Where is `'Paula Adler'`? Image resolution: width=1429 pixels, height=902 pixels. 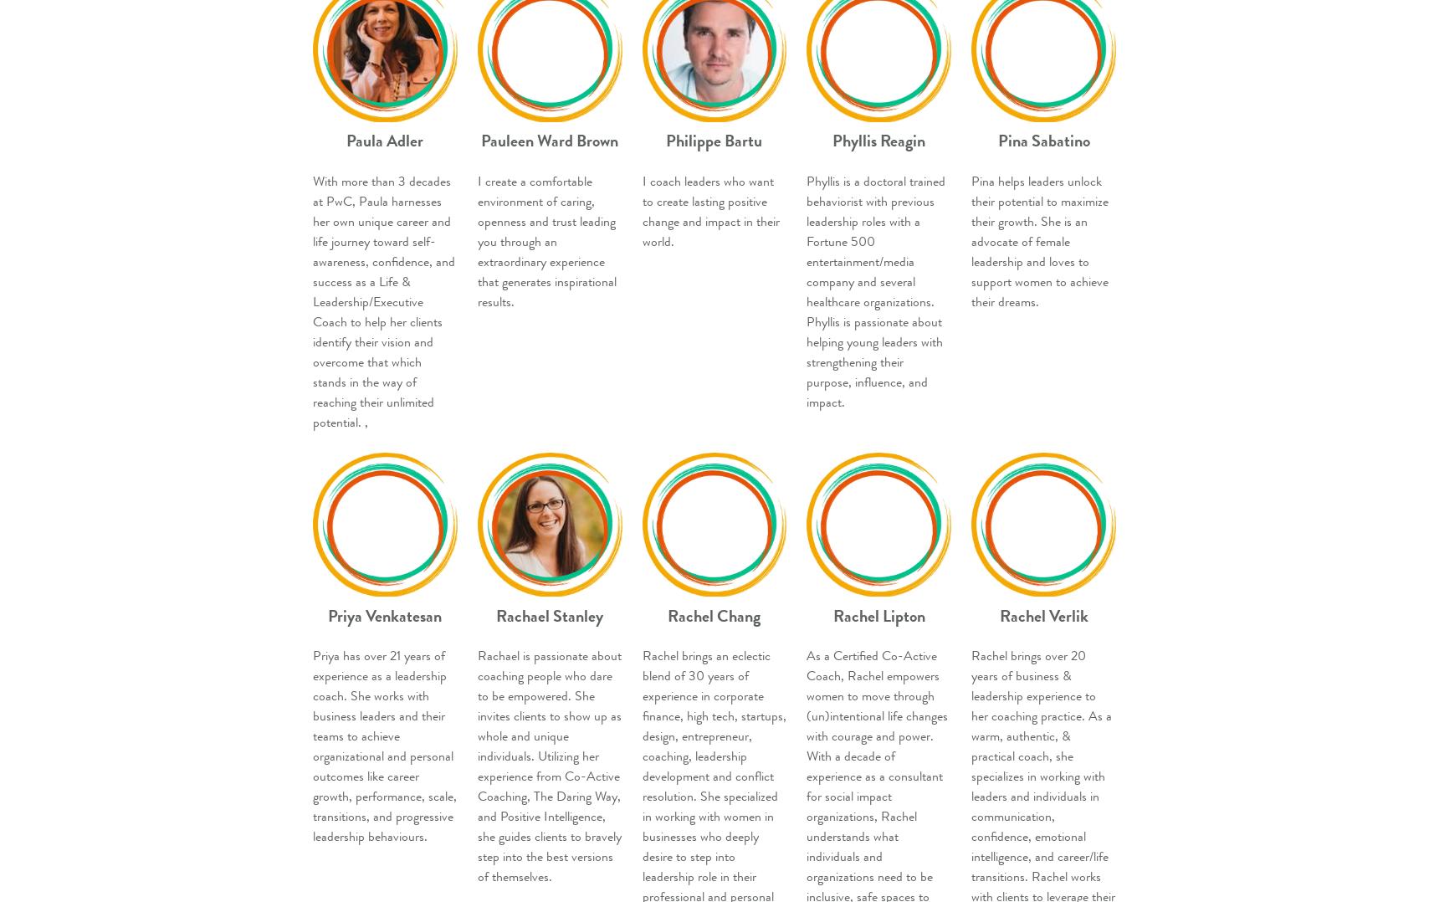
'Paula Adler' is located at coordinates (346, 140).